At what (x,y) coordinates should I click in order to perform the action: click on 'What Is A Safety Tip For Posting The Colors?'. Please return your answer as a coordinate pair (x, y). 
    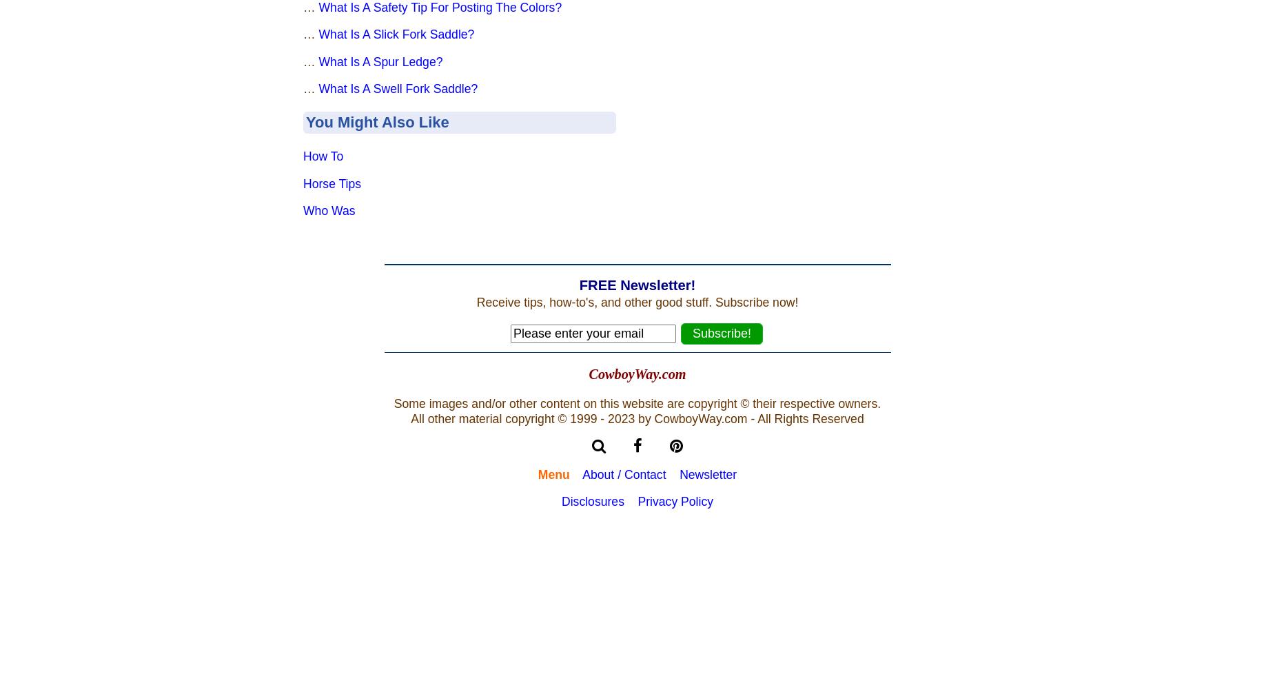
    Looking at the image, I should click on (440, 6).